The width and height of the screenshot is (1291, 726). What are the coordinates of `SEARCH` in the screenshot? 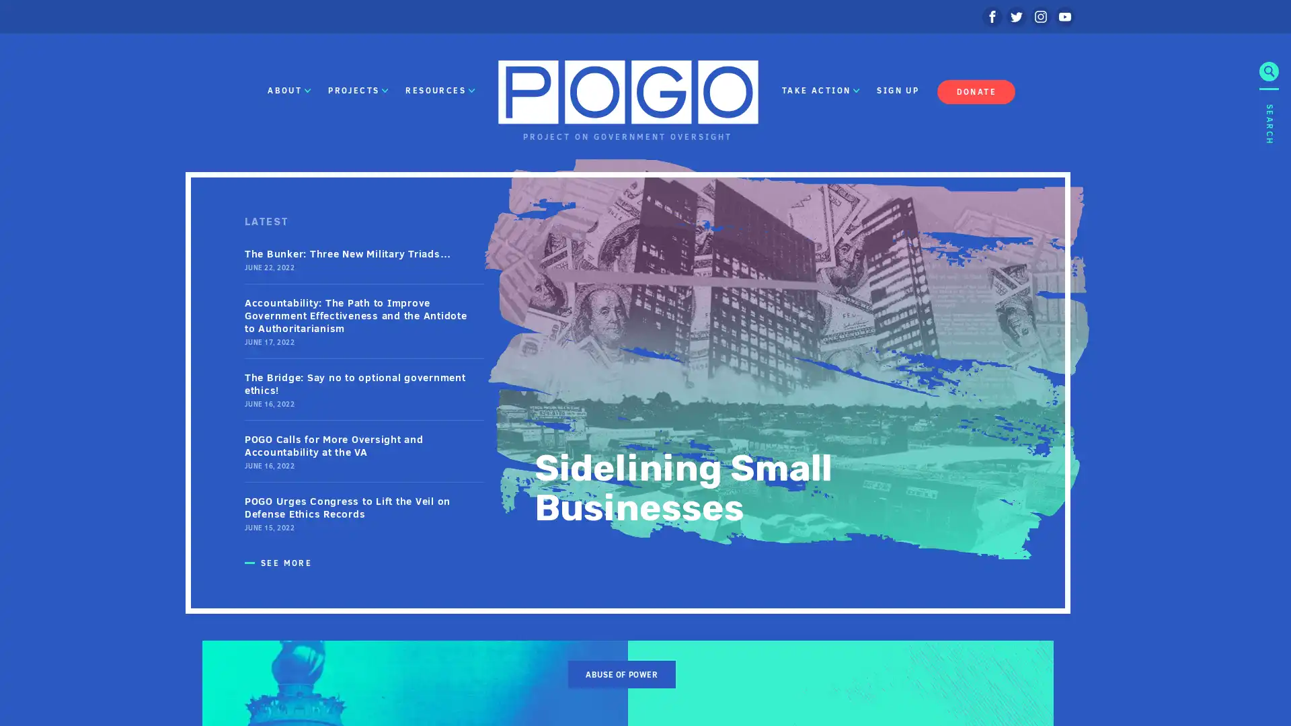 It's located at (1268, 219).